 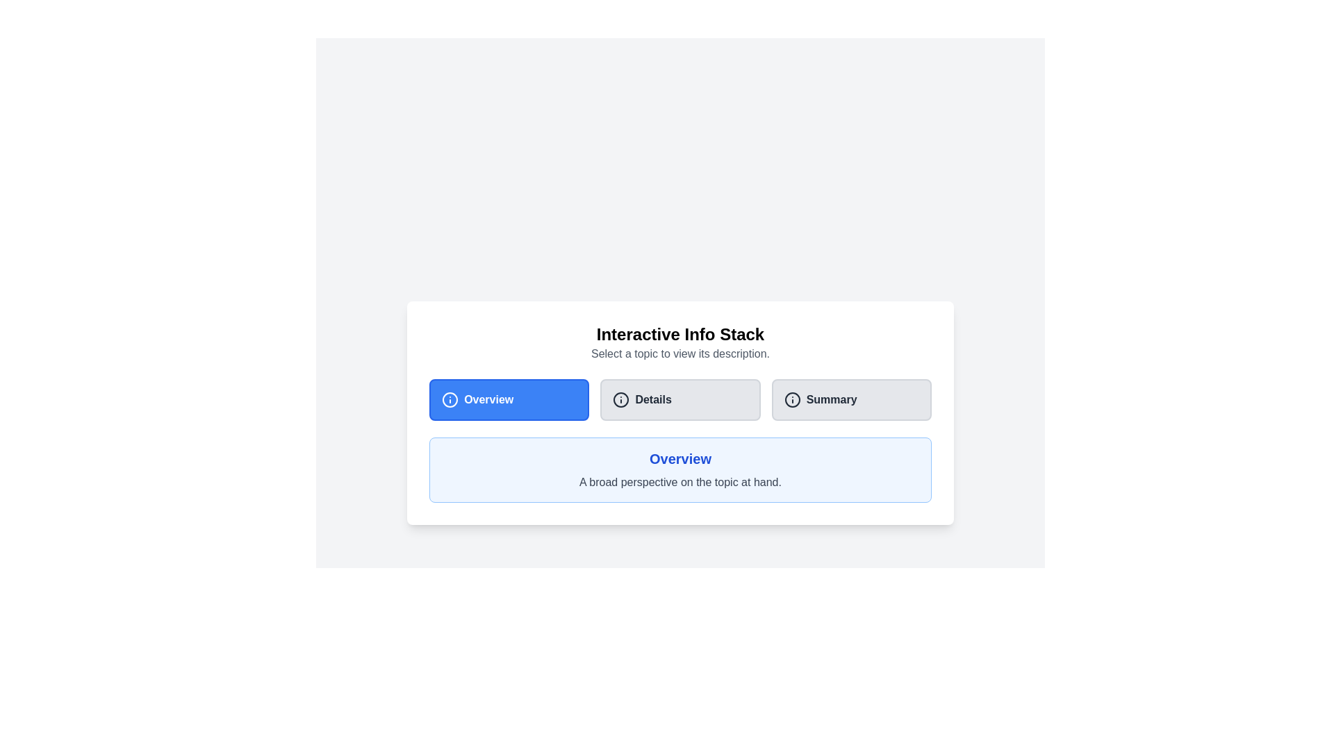 What do you see at coordinates (620, 399) in the screenshot?
I see `the decorative SVG circle that is part of the 'Details' button, which is located between the 'Overview' and 'Summary' buttons` at bounding box center [620, 399].